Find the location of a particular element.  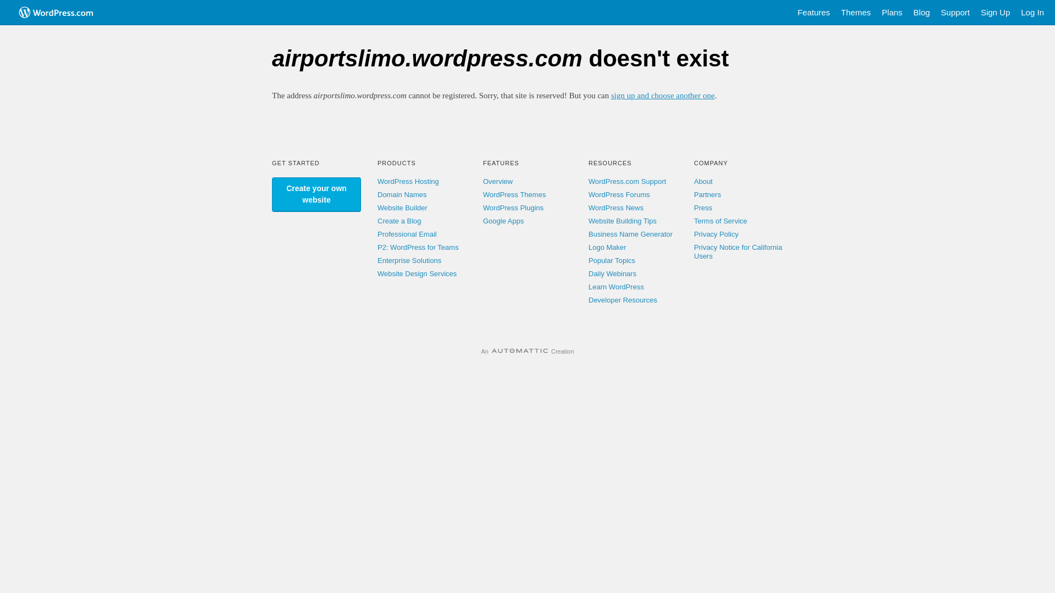

'Google Apps' is located at coordinates (482, 221).